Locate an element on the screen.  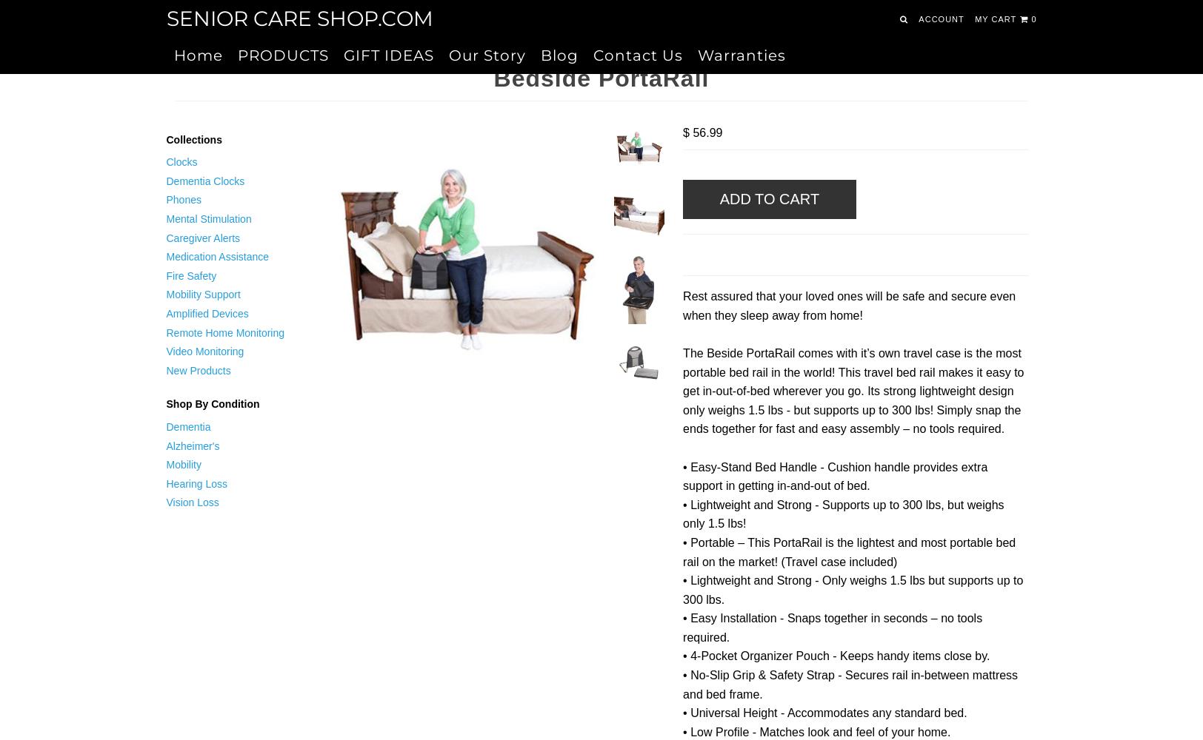
'Mental Stimulation' is located at coordinates (208, 218).